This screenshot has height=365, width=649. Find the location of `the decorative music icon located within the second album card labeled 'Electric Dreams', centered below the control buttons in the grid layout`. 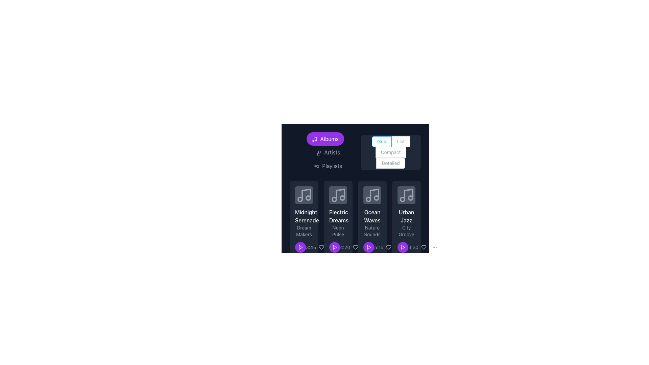

the decorative music icon located within the second album card labeled 'Electric Dreams', centered below the control buttons in the grid layout is located at coordinates (338, 195).